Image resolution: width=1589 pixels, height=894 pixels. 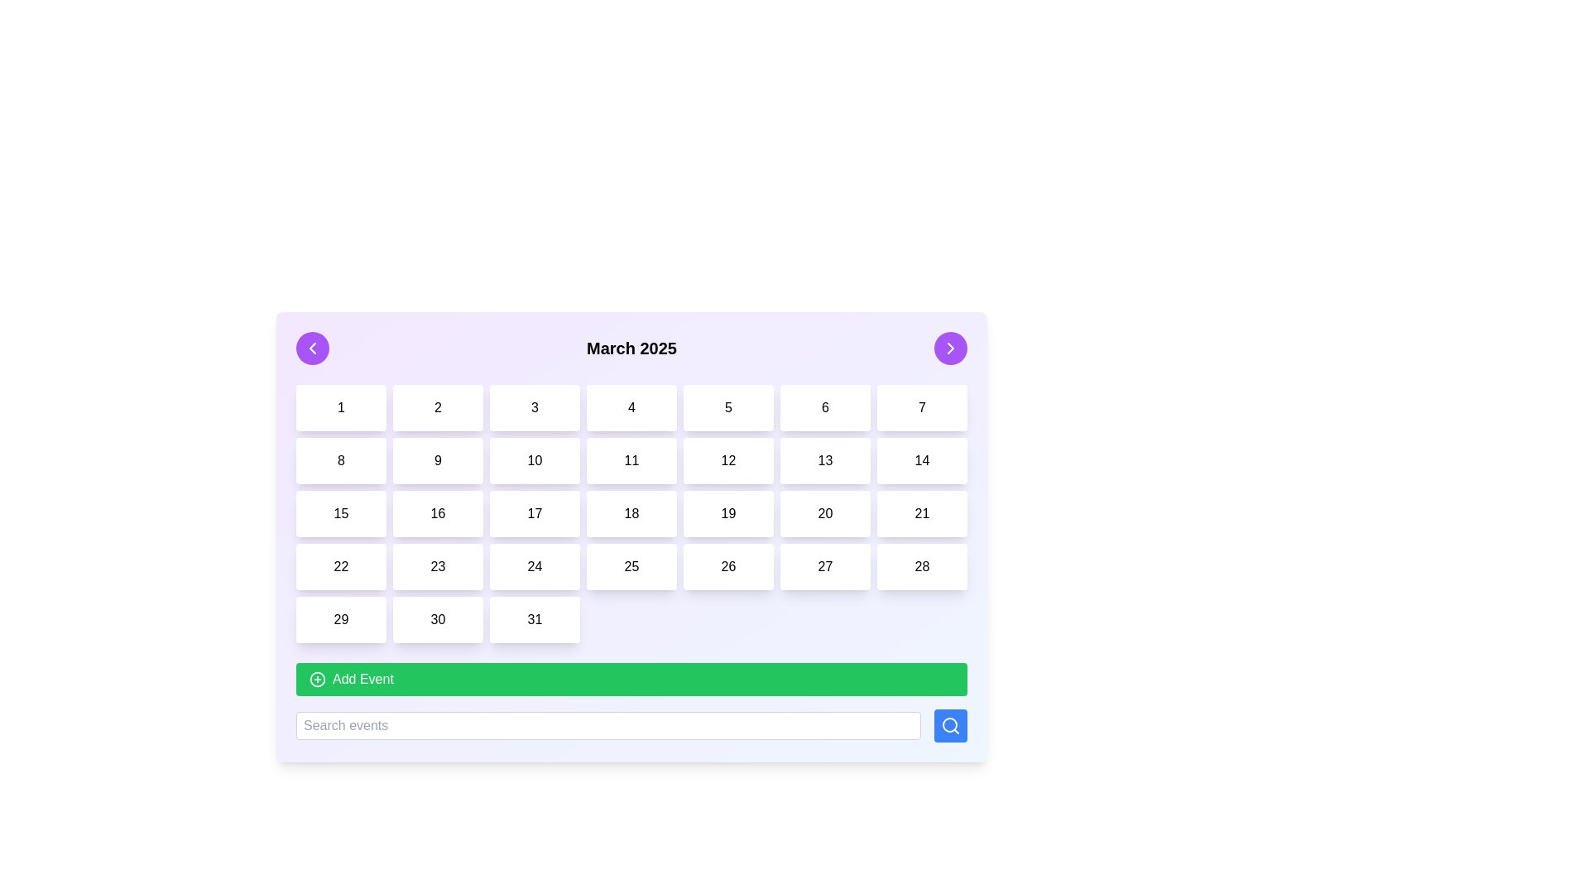 What do you see at coordinates (950, 724) in the screenshot?
I see `the search icon button located at the bottom-right corner of the calendar interface to initiate a search` at bounding box center [950, 724].